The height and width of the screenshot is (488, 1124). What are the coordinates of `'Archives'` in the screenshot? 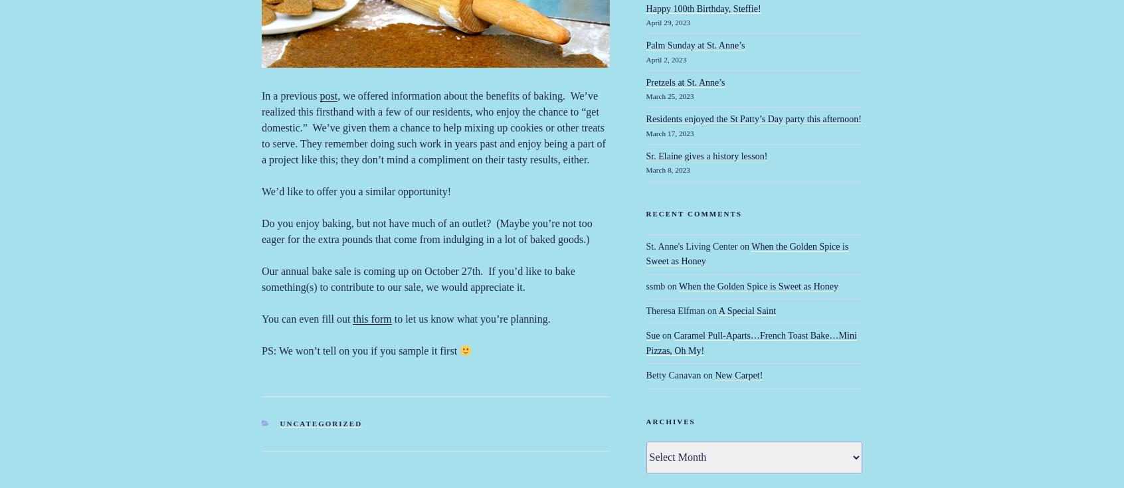 It's located at (669, 420).